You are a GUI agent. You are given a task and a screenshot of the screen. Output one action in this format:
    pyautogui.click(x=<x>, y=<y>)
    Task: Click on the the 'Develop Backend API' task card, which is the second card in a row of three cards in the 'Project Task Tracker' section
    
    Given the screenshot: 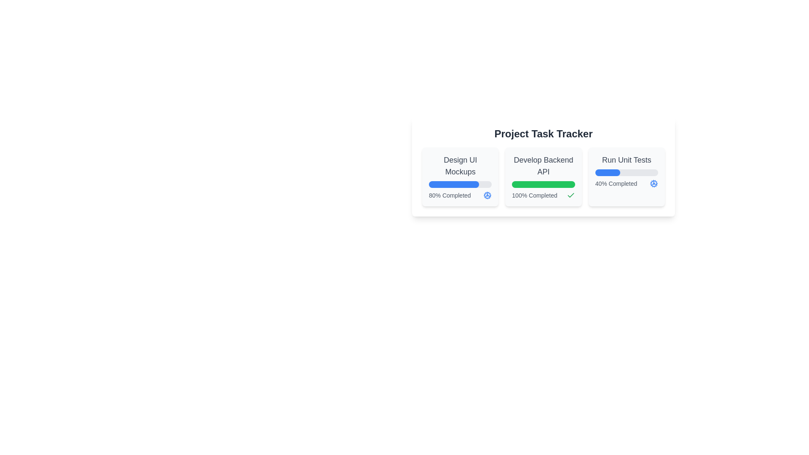 What is the action you would take?
    pyautogui.click(x=544, y=167)
    